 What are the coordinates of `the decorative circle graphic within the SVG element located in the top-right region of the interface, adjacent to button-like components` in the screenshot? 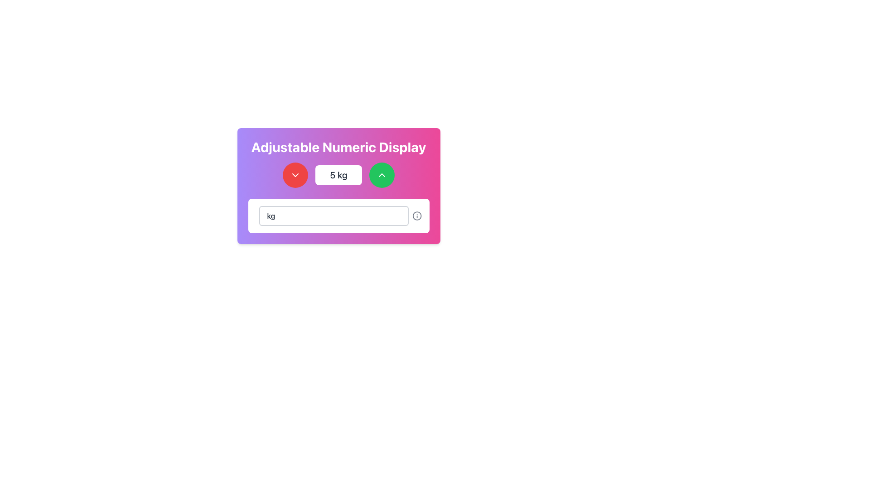 It's located at (416, 216).